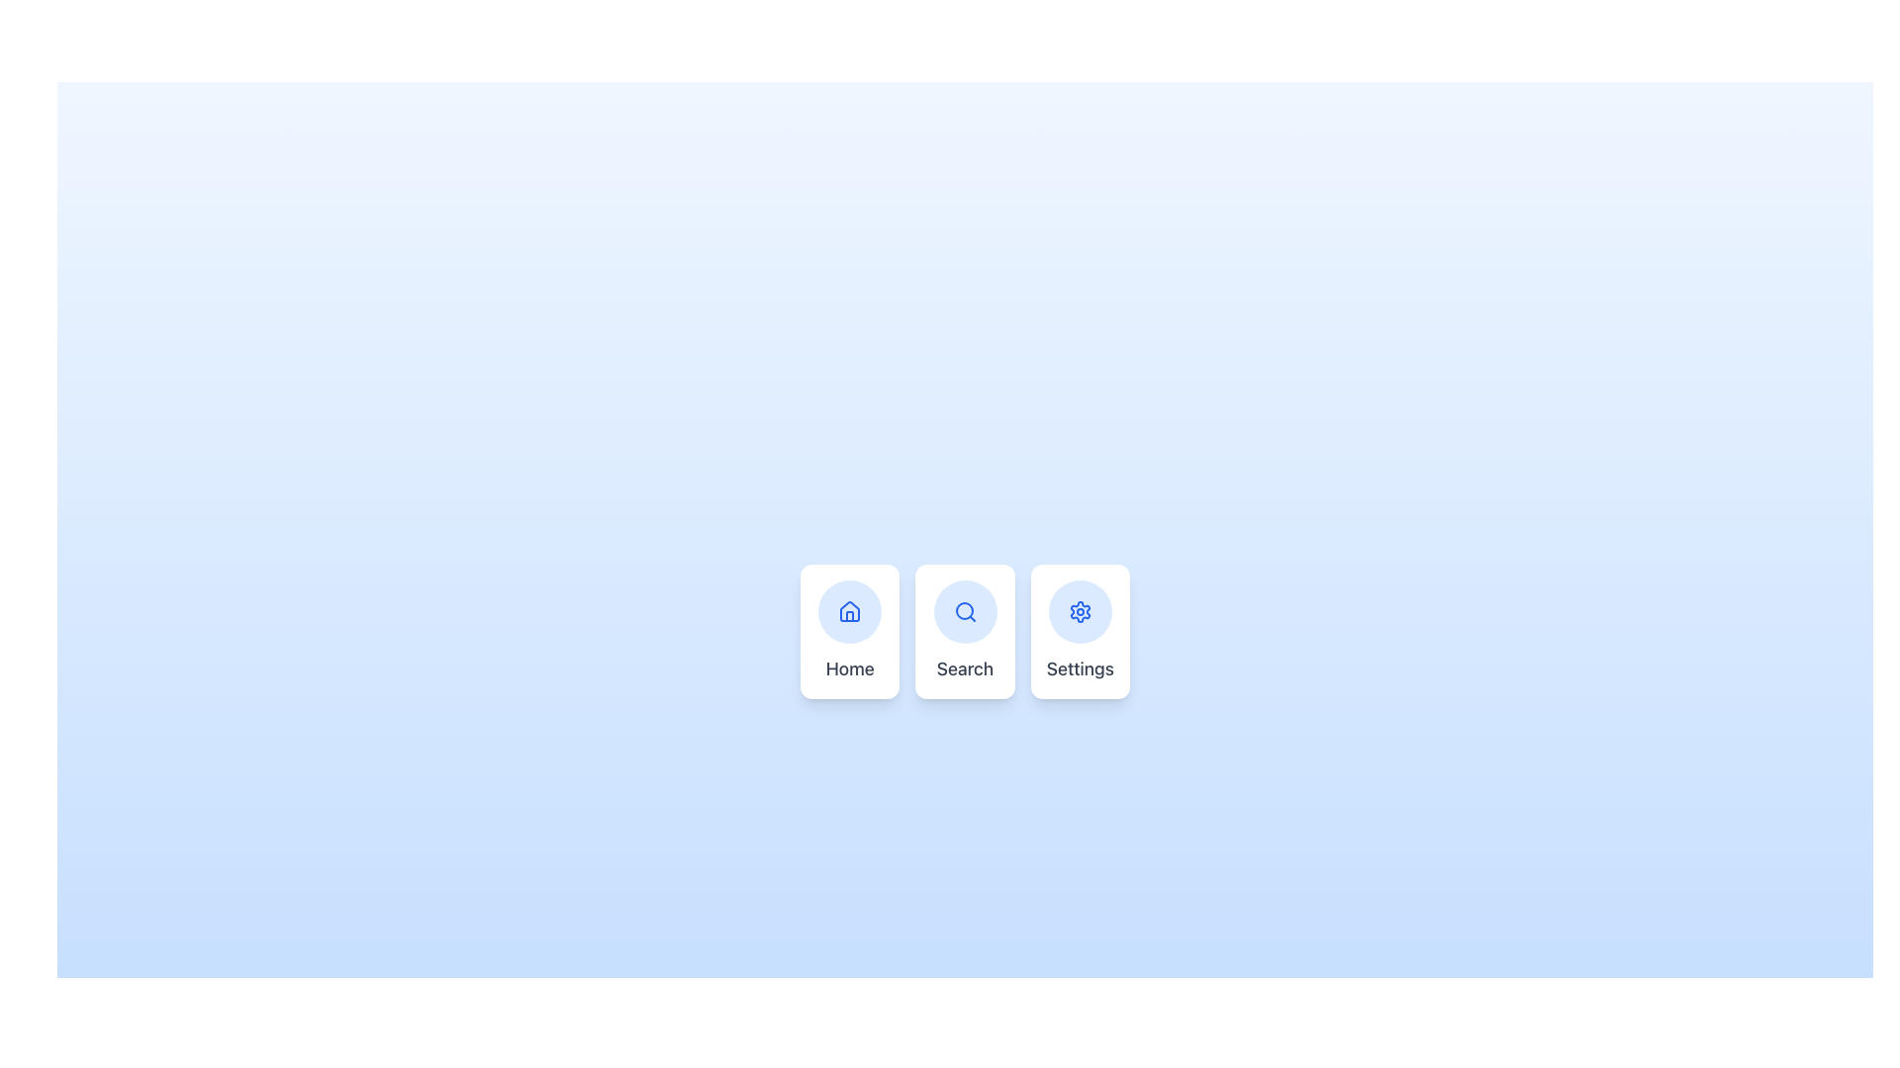  Describe the element at coordinates (850, 610) in the screenshot. I see `the blue house icon located at the top center of the group of three options (Home, Search, Settings)` at that location.